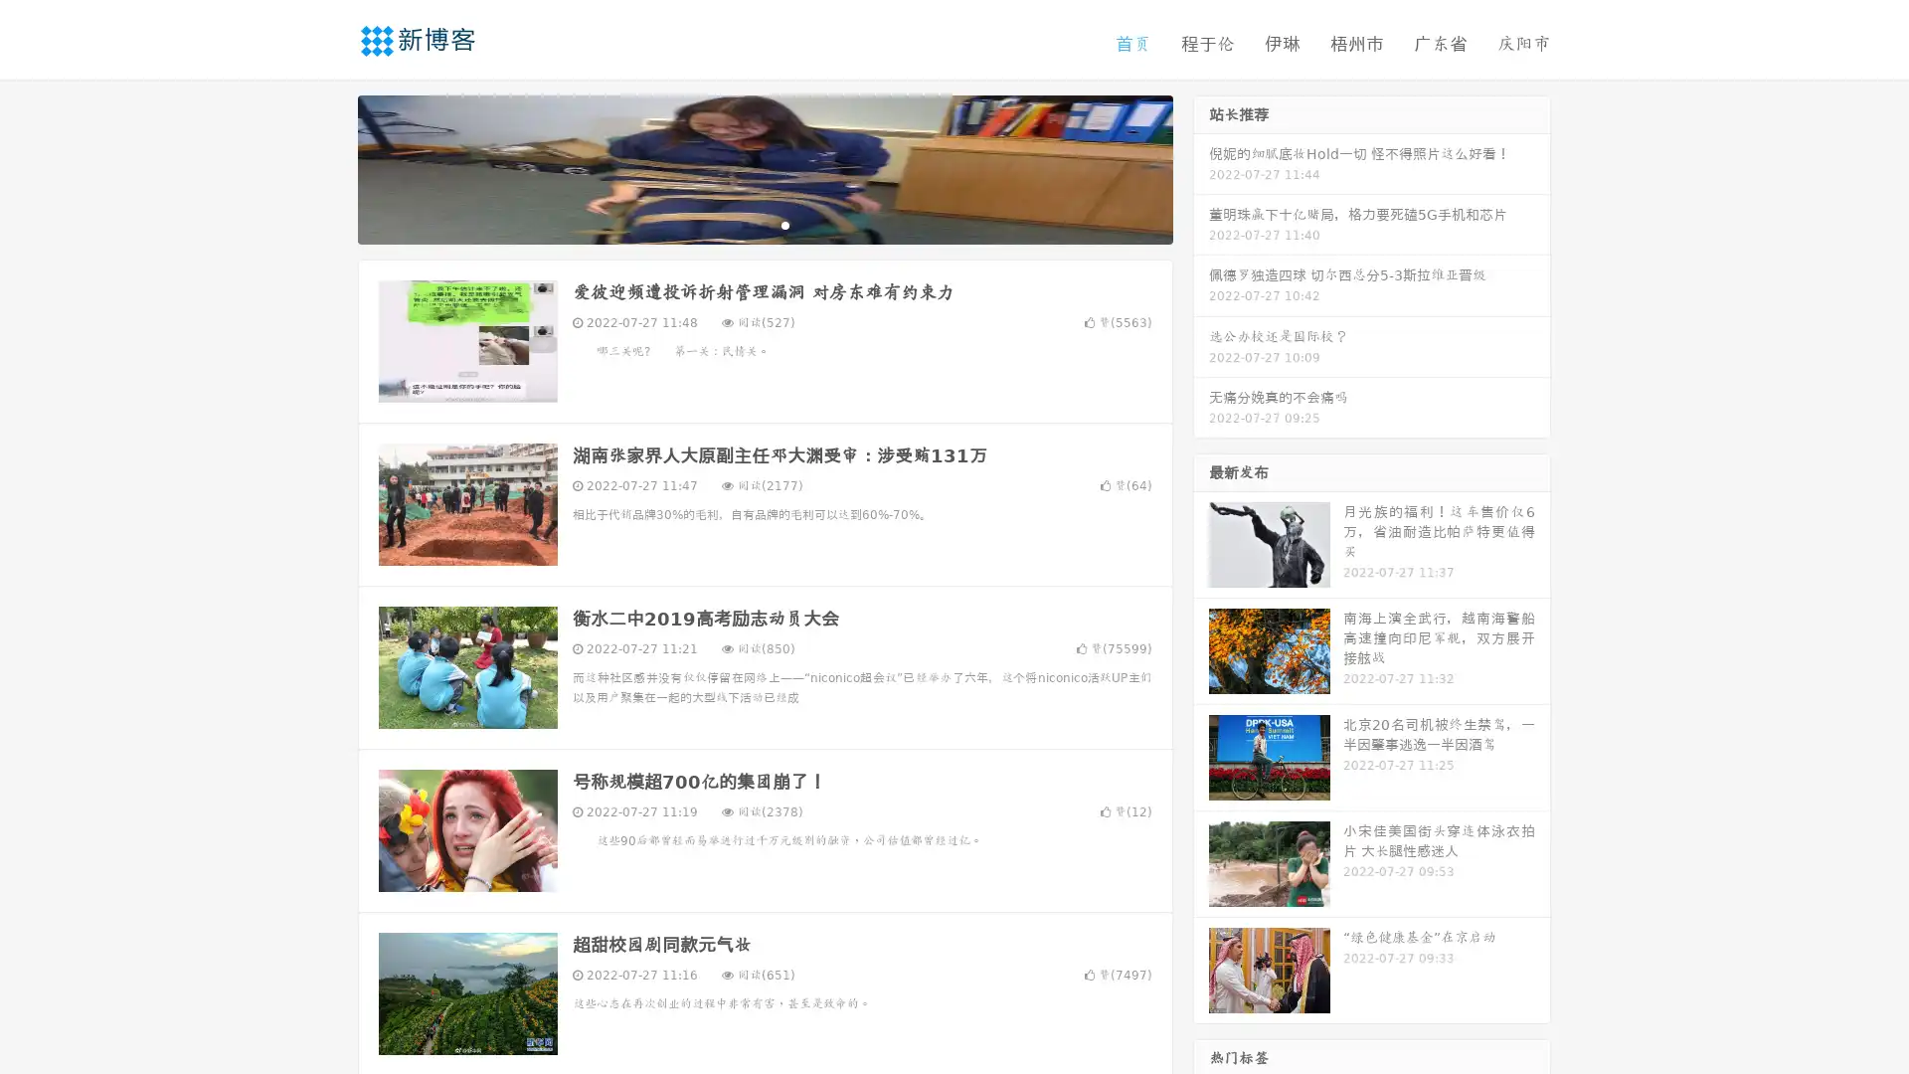 This screenshot has height=1074, width=1909. Describe the element at coordinates (784, 224) in the screenshot. I see `Go to slide 3` at that location.